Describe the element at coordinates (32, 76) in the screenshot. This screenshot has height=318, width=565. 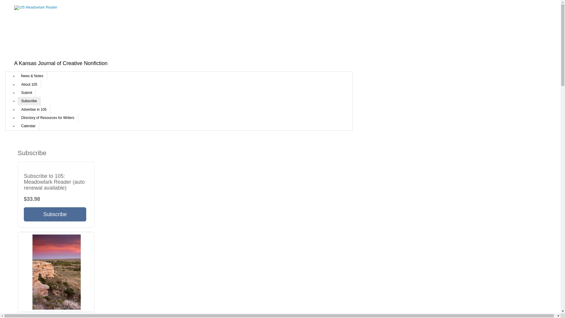
I see `'News & Notes'` at that location.